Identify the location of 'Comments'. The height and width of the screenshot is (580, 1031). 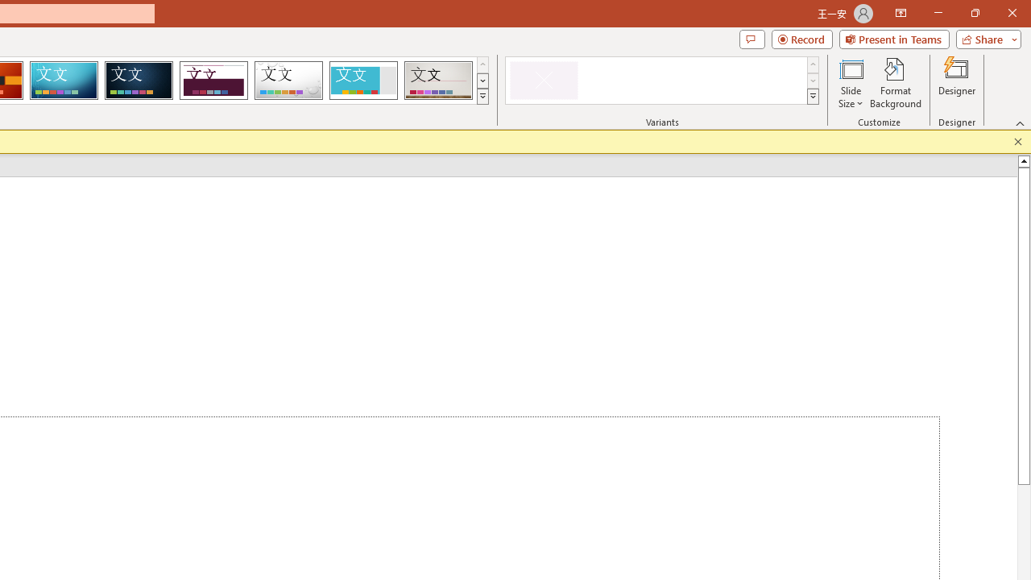
(751, 38).